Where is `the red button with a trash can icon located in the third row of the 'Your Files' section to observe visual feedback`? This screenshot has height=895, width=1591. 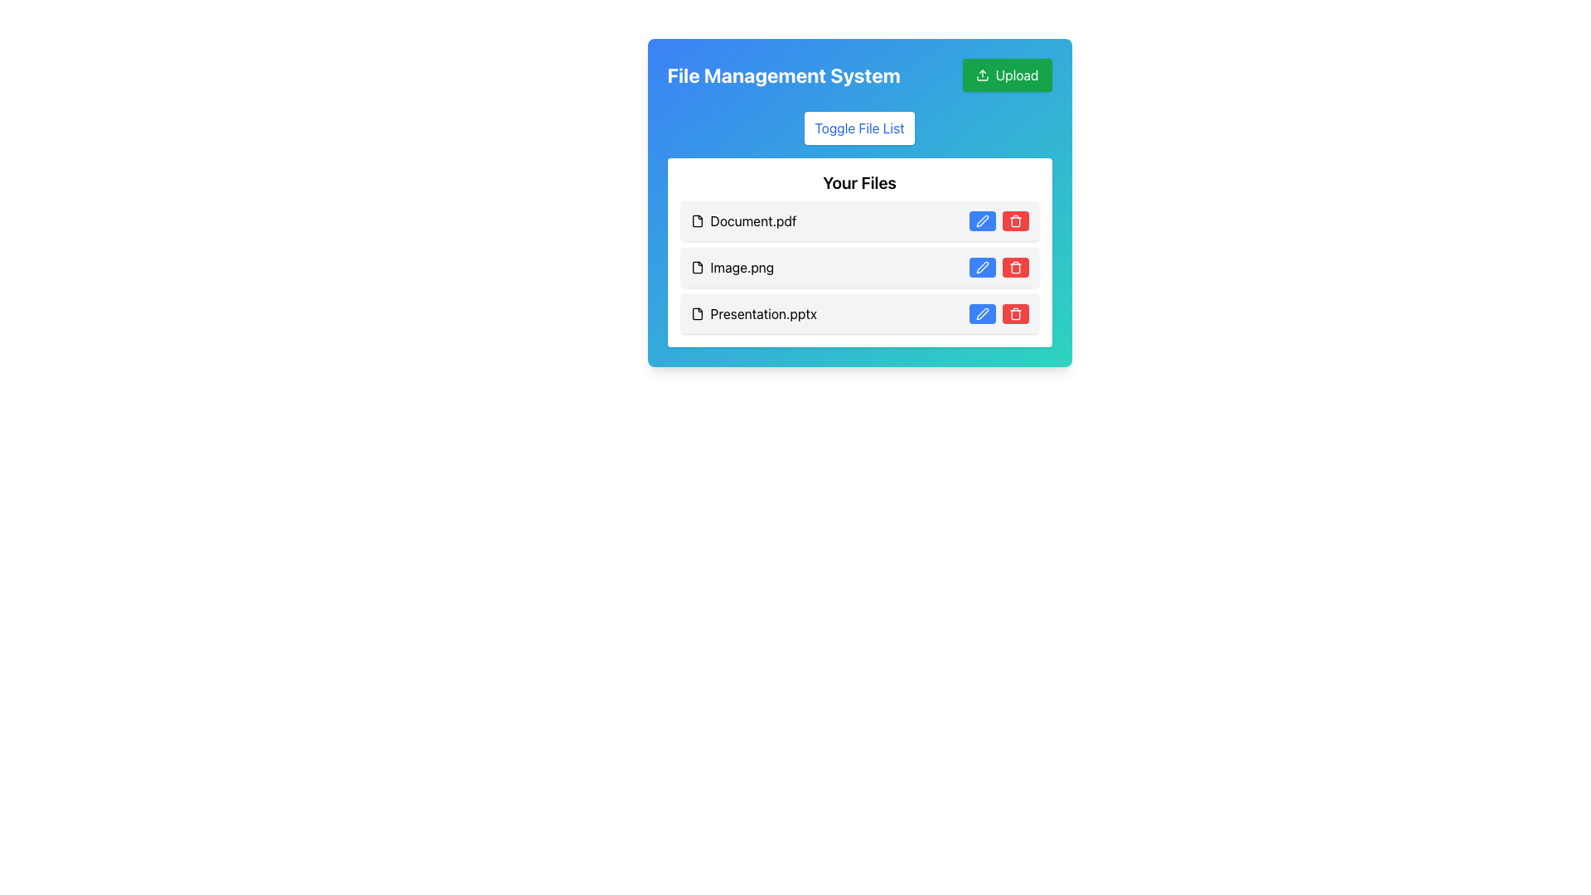 the red button with a trash can icon located in the third row of the 'Your Files' section to observe visual feedback is located at coordinates (1014, 313).